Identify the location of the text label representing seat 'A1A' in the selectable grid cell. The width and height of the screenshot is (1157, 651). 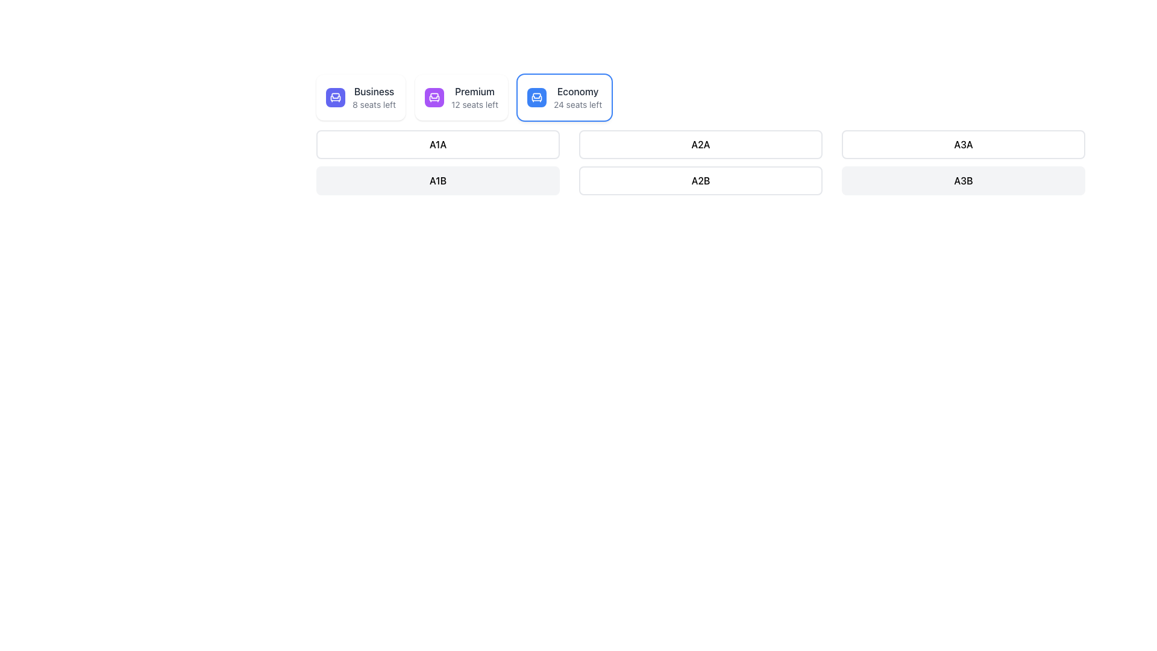
(437, 143).